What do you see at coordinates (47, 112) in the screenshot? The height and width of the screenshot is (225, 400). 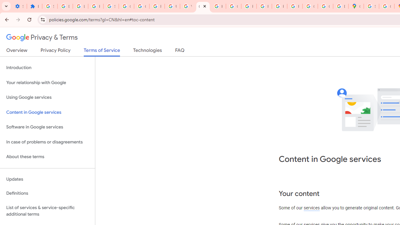 I see `'Content in Google services'` at bounding box center [47, 112].